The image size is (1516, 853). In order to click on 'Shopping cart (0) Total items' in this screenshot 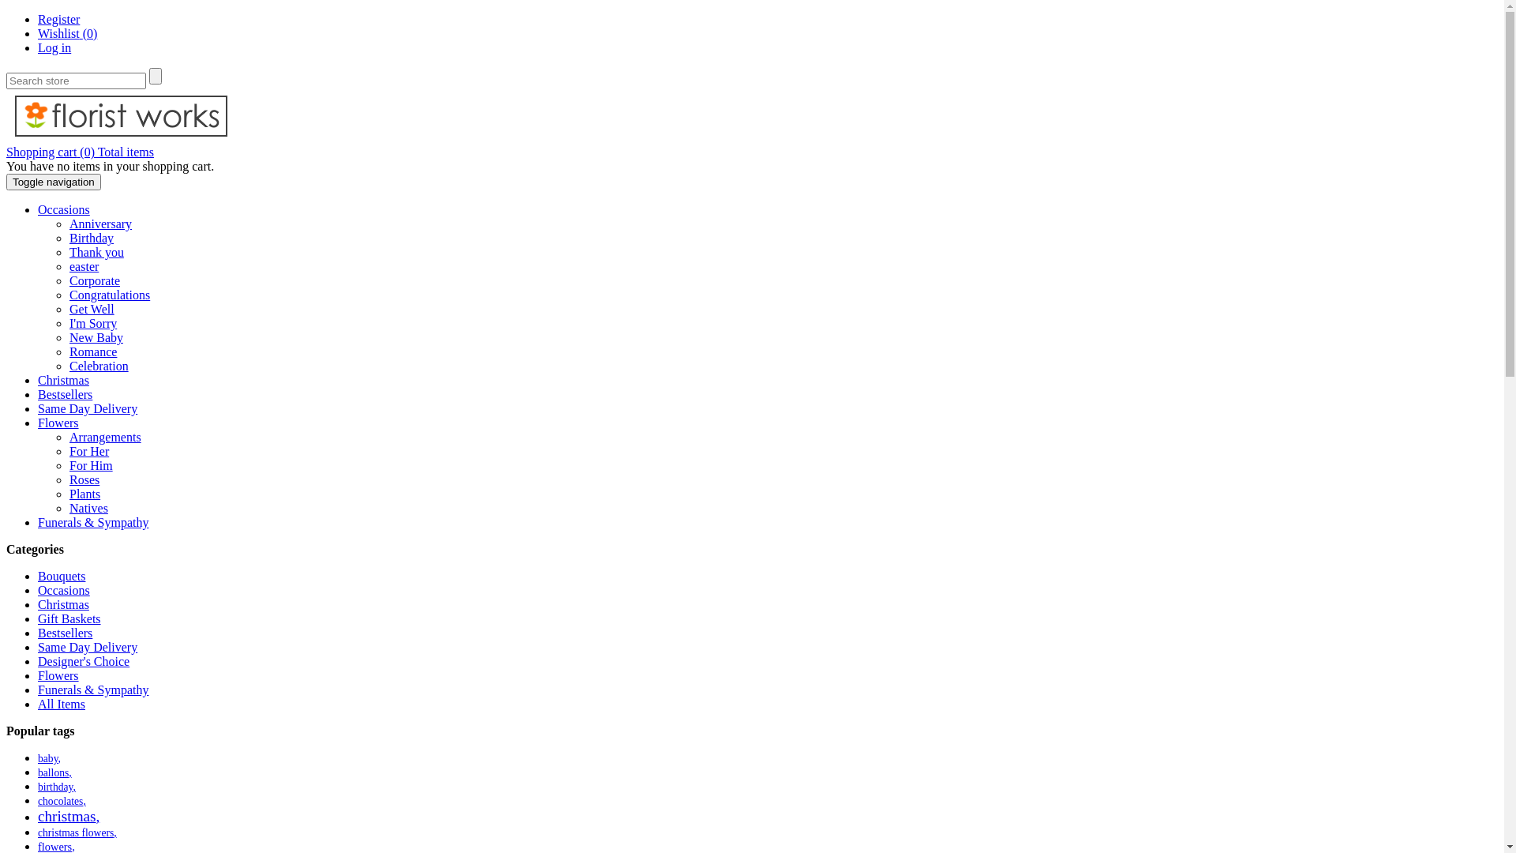, I will do `click(79, 152)`.